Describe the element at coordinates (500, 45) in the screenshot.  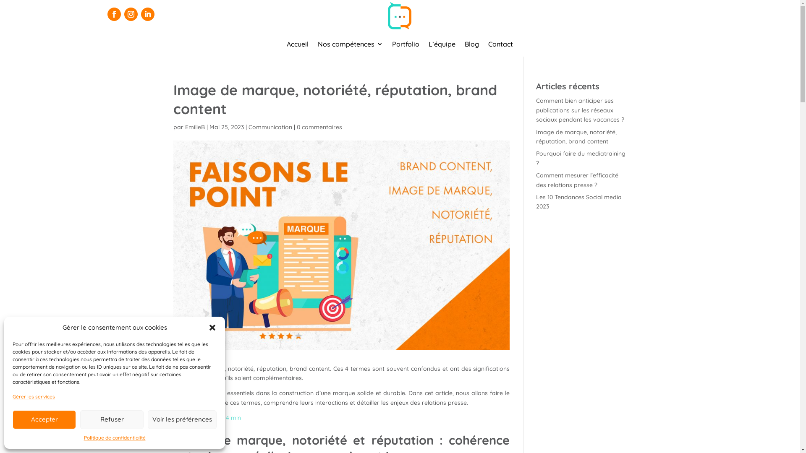
I see `'Contact'` at that location.